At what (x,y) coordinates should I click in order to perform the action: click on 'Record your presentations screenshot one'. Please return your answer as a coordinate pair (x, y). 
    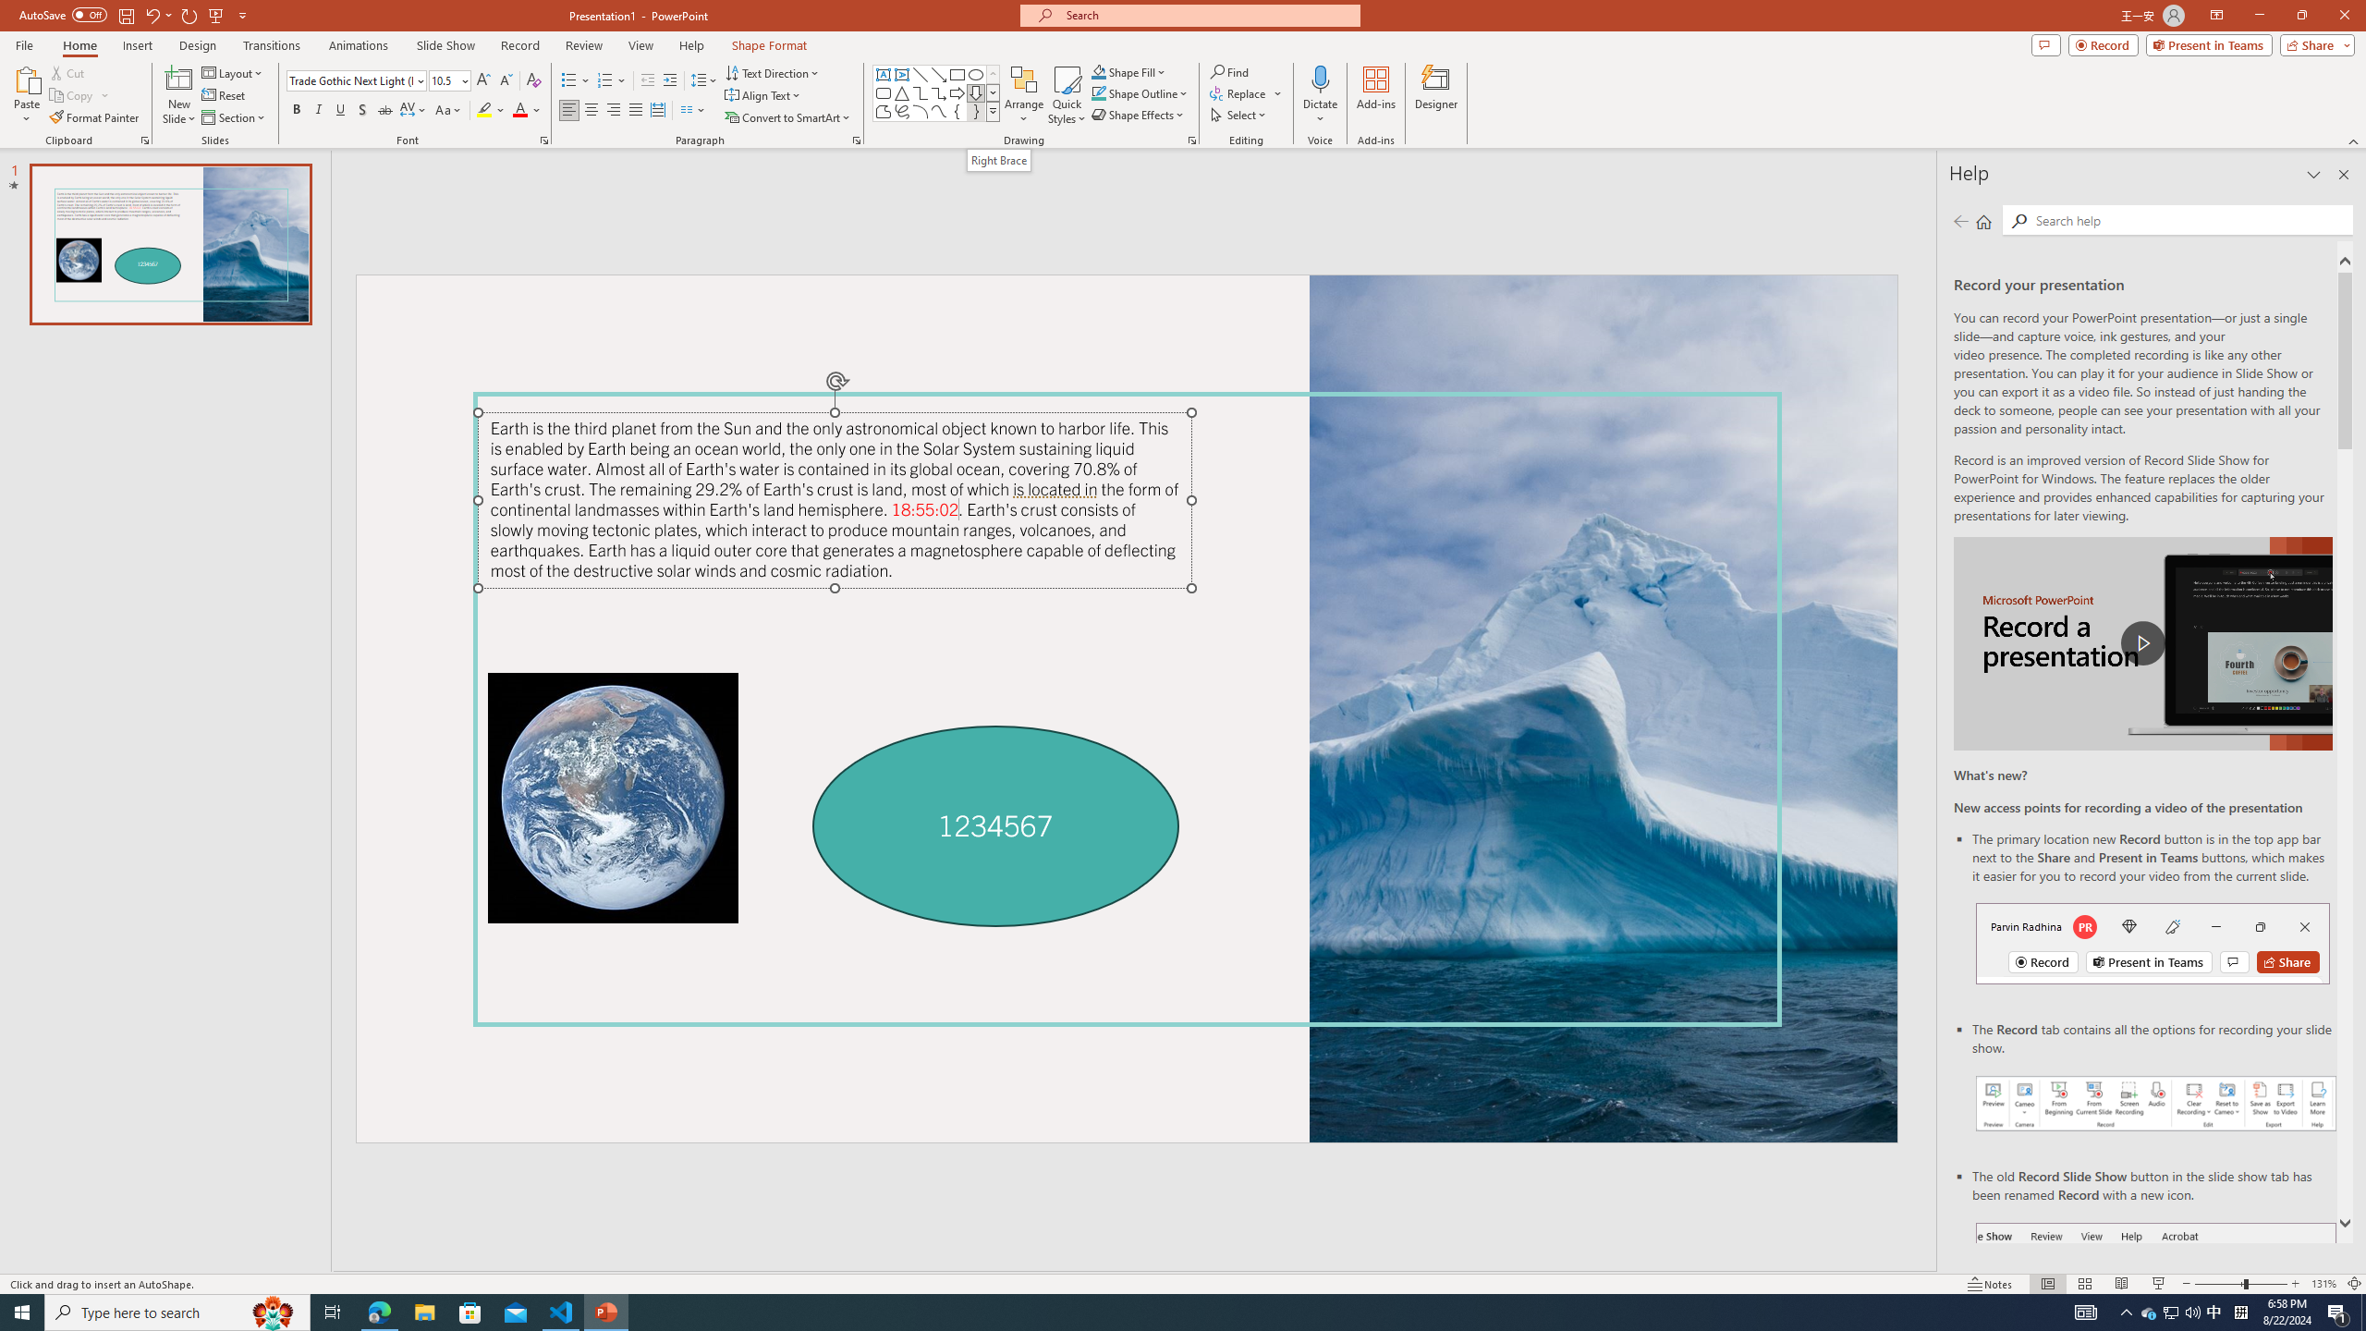
    Looking at the image, I should click on (2155, 1102).